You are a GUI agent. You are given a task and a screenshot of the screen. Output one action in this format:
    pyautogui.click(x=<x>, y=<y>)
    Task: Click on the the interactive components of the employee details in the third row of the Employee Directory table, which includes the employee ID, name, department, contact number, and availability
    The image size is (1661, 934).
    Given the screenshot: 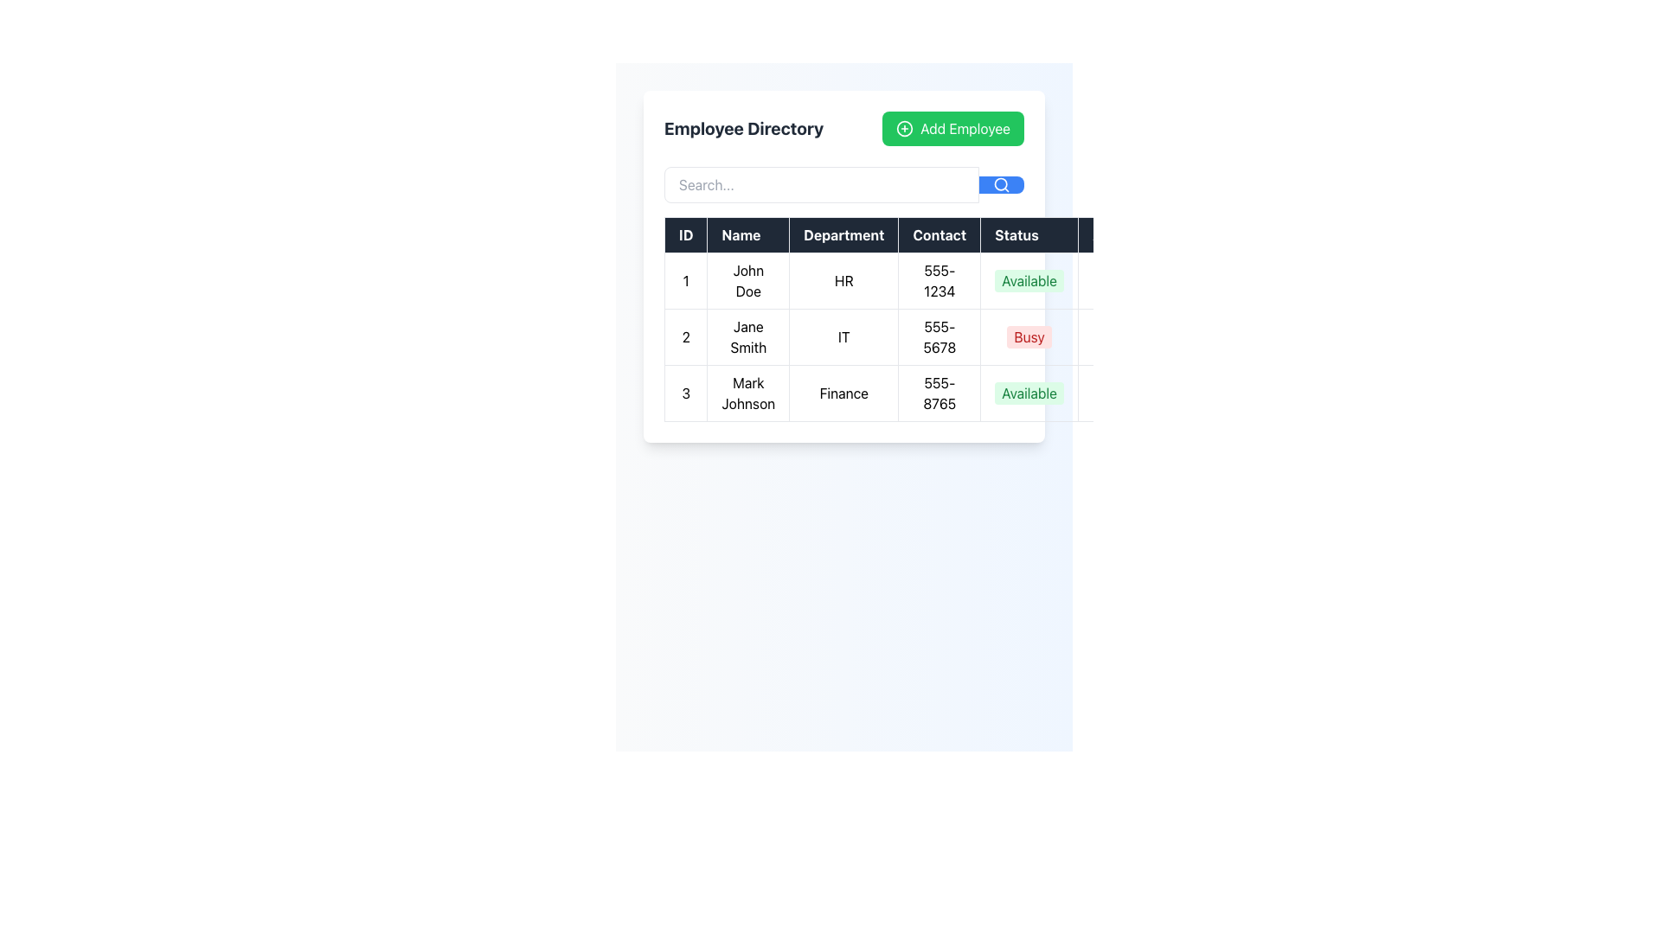 What is the action you would take?
    pyautogui.click(x=910, y=393)
    